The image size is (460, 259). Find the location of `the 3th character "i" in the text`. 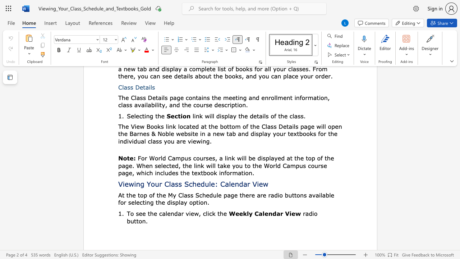

the 3th character "i" in the text is located at coordinates (258, 183).